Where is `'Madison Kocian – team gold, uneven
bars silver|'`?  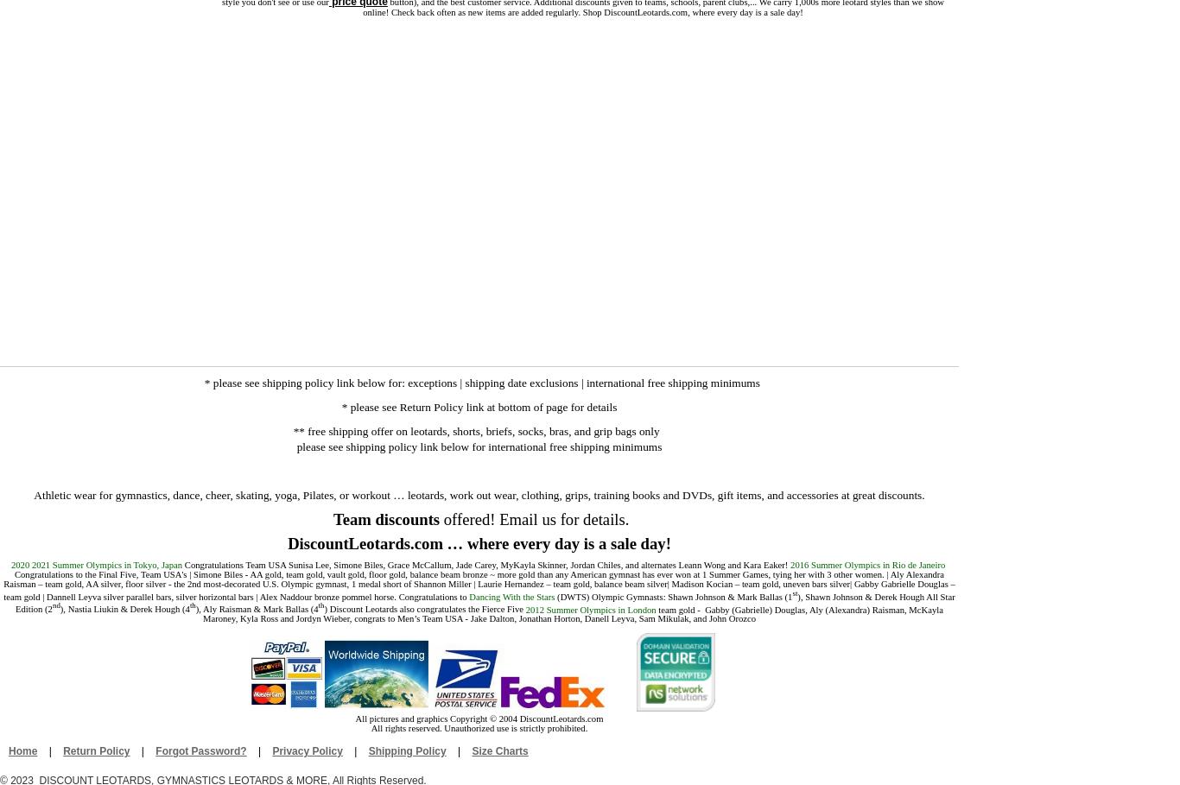 'Madison Kocian – team gold, uneven
bars silver|' is located at coordinates (758, 584).